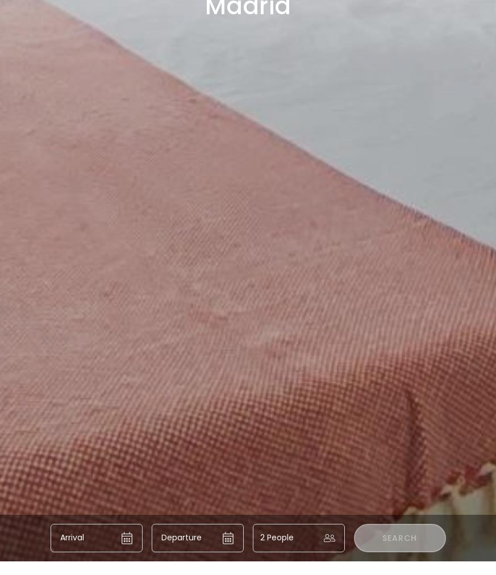 The height and width of the screenshot is (575, 496). What do you see at coordinates (203, 441) in the screenshot?
I see `'Investors'` at bounding box center [203, 441].